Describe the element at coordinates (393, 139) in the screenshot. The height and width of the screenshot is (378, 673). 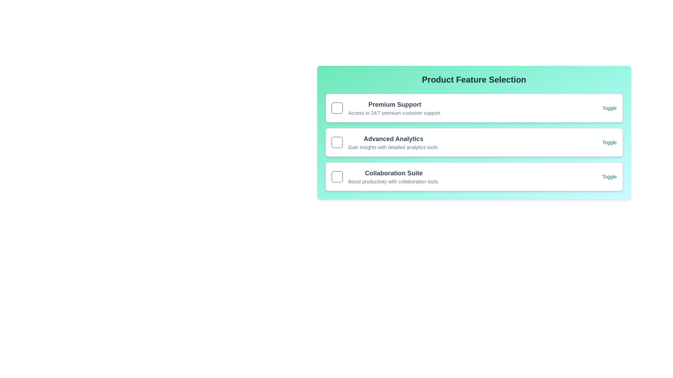
I see `the Text label indicating 'Advanced Analytics', which is centrally positioned in the second row of the card group` at that location.